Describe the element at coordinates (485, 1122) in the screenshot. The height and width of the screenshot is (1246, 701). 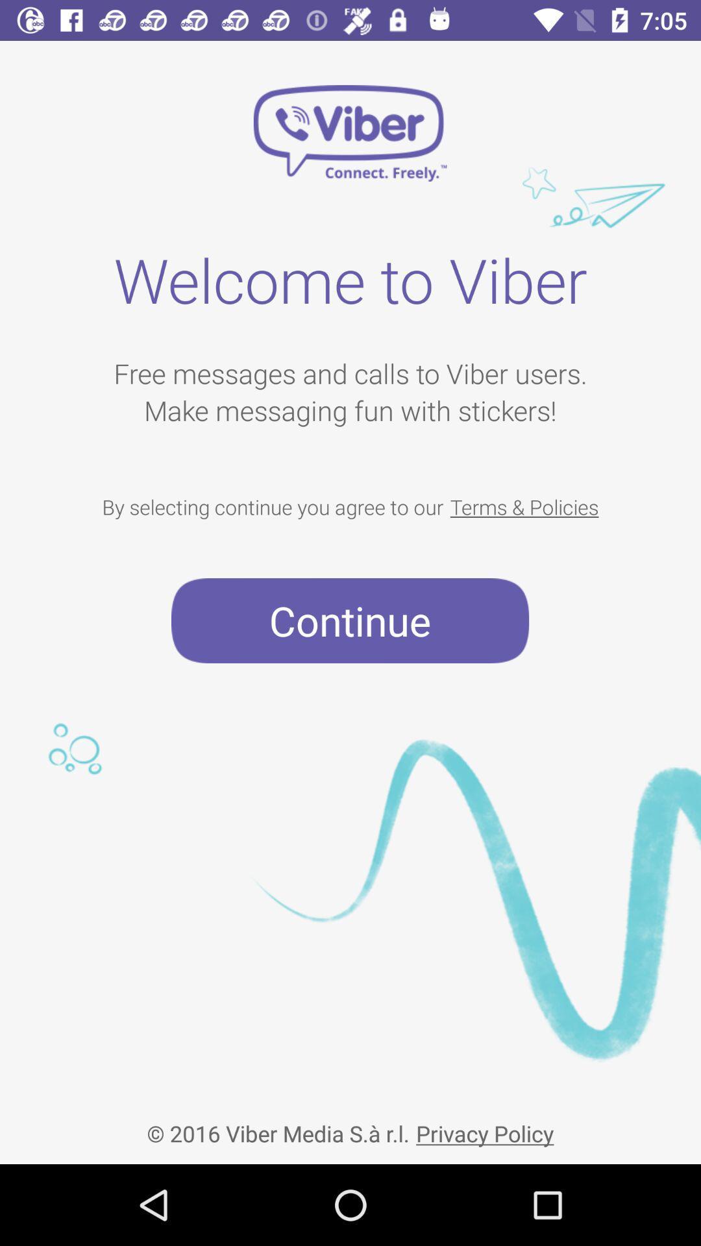
I see `the privacy policy icon` at that location.